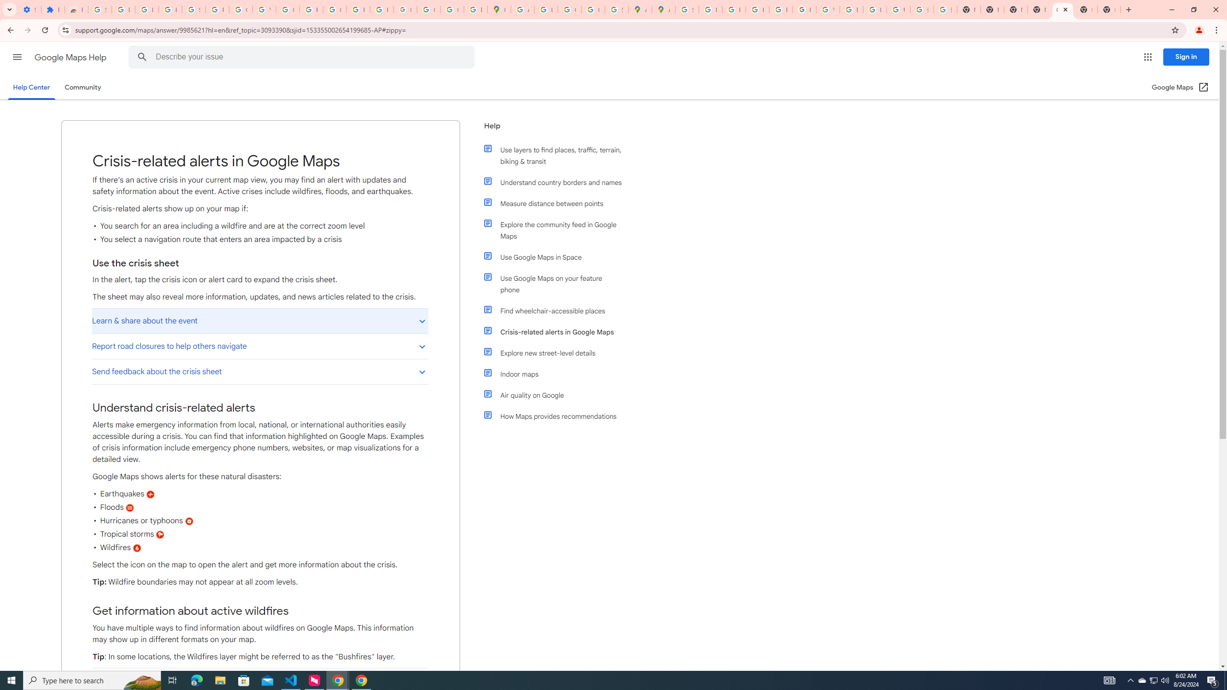  Describe the element at coordinates (123, 9) in the screenshot. I see `'Delete photos & videos - Computer - Google Photos Help'` at that location.